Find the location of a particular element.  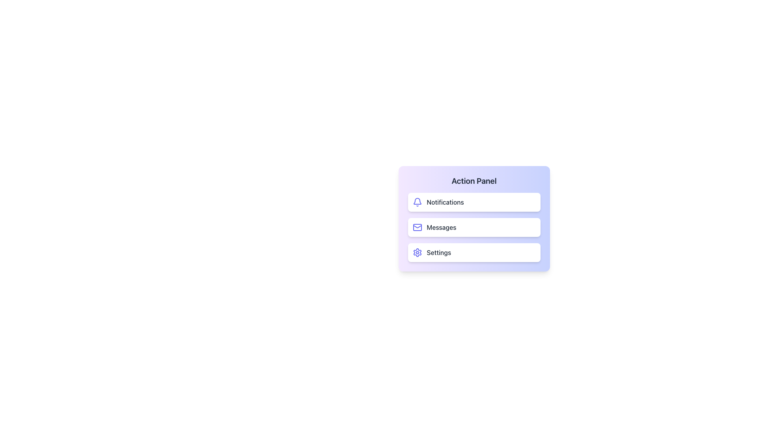

the gear icon located is located at coordinates (417, 252).